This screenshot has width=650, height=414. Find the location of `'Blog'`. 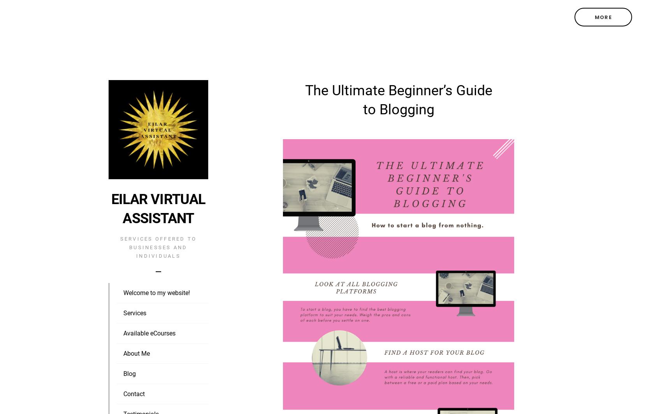

'Blog' is located at coordinates (123, 374).